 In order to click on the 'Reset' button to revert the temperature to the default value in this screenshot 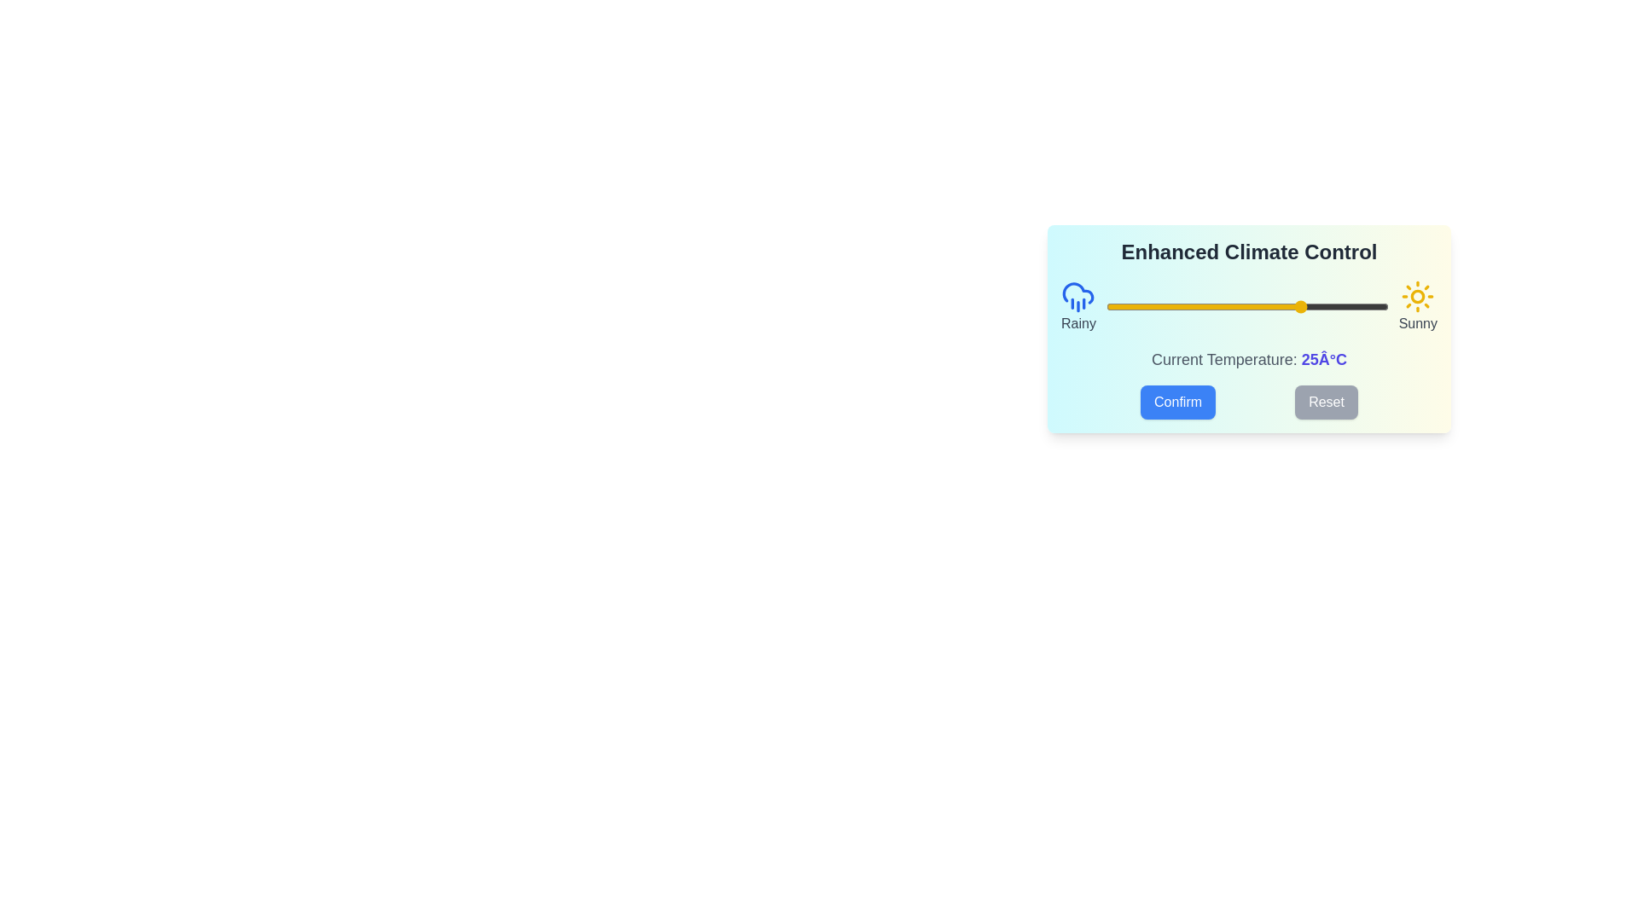, I will do `click(1326, 402)`.